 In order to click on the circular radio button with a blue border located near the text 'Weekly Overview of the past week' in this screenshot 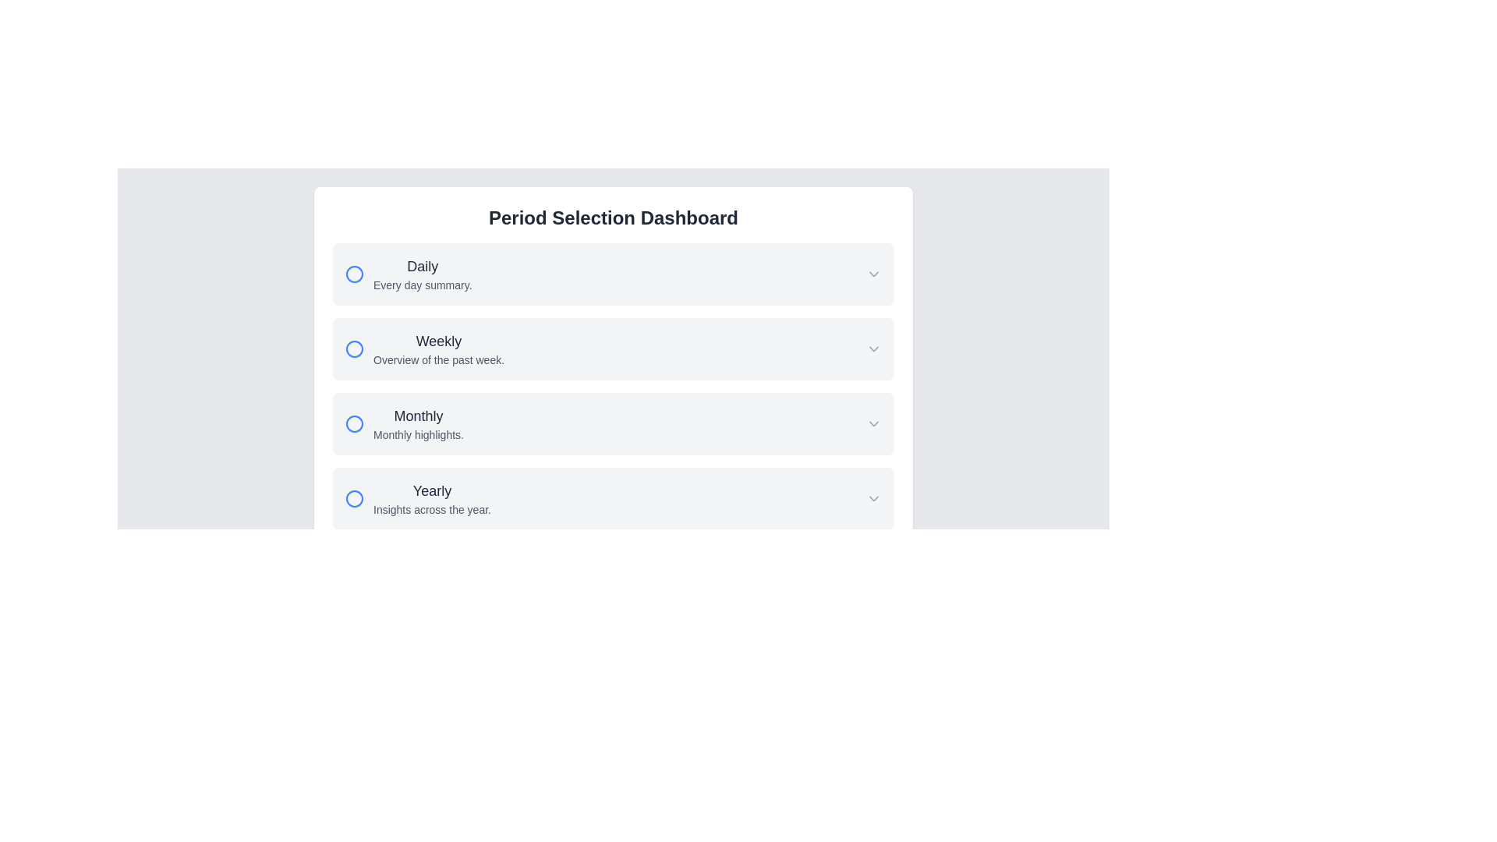, I will do `click(354, 348)`.